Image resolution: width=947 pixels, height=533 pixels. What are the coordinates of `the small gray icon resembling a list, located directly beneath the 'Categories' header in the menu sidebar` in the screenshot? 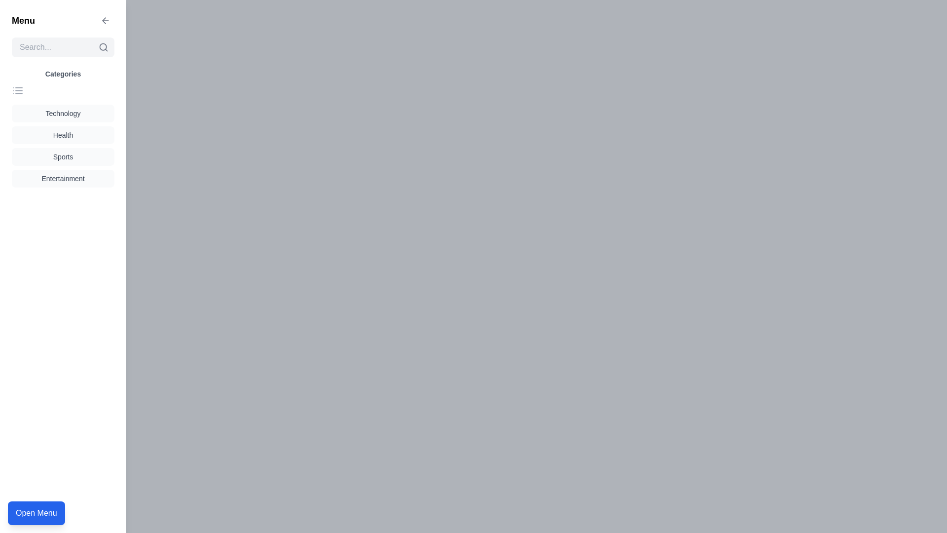 It's located at (17, 91).